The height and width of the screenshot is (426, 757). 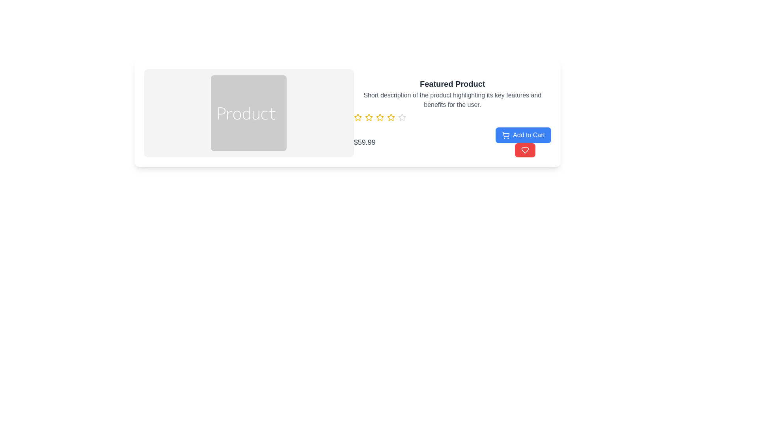 What do you see at coordinates (364, 142) in the screenshot?
I see `price value displayed on the label located at the bottom-left corner of the product layout, below the product rating stars and before the action buttons` at bounding box center [364, 142].